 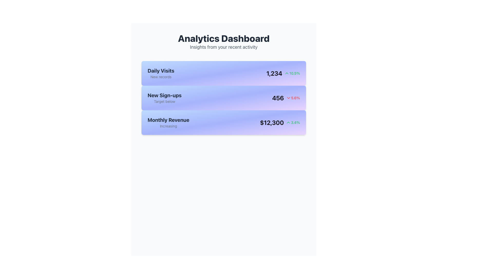 What do you see at coordinates (288, 98) in the screenshot?
I see `the Chevron icon located to the left of the '5.6%' text` at bounding box center [288, 98].